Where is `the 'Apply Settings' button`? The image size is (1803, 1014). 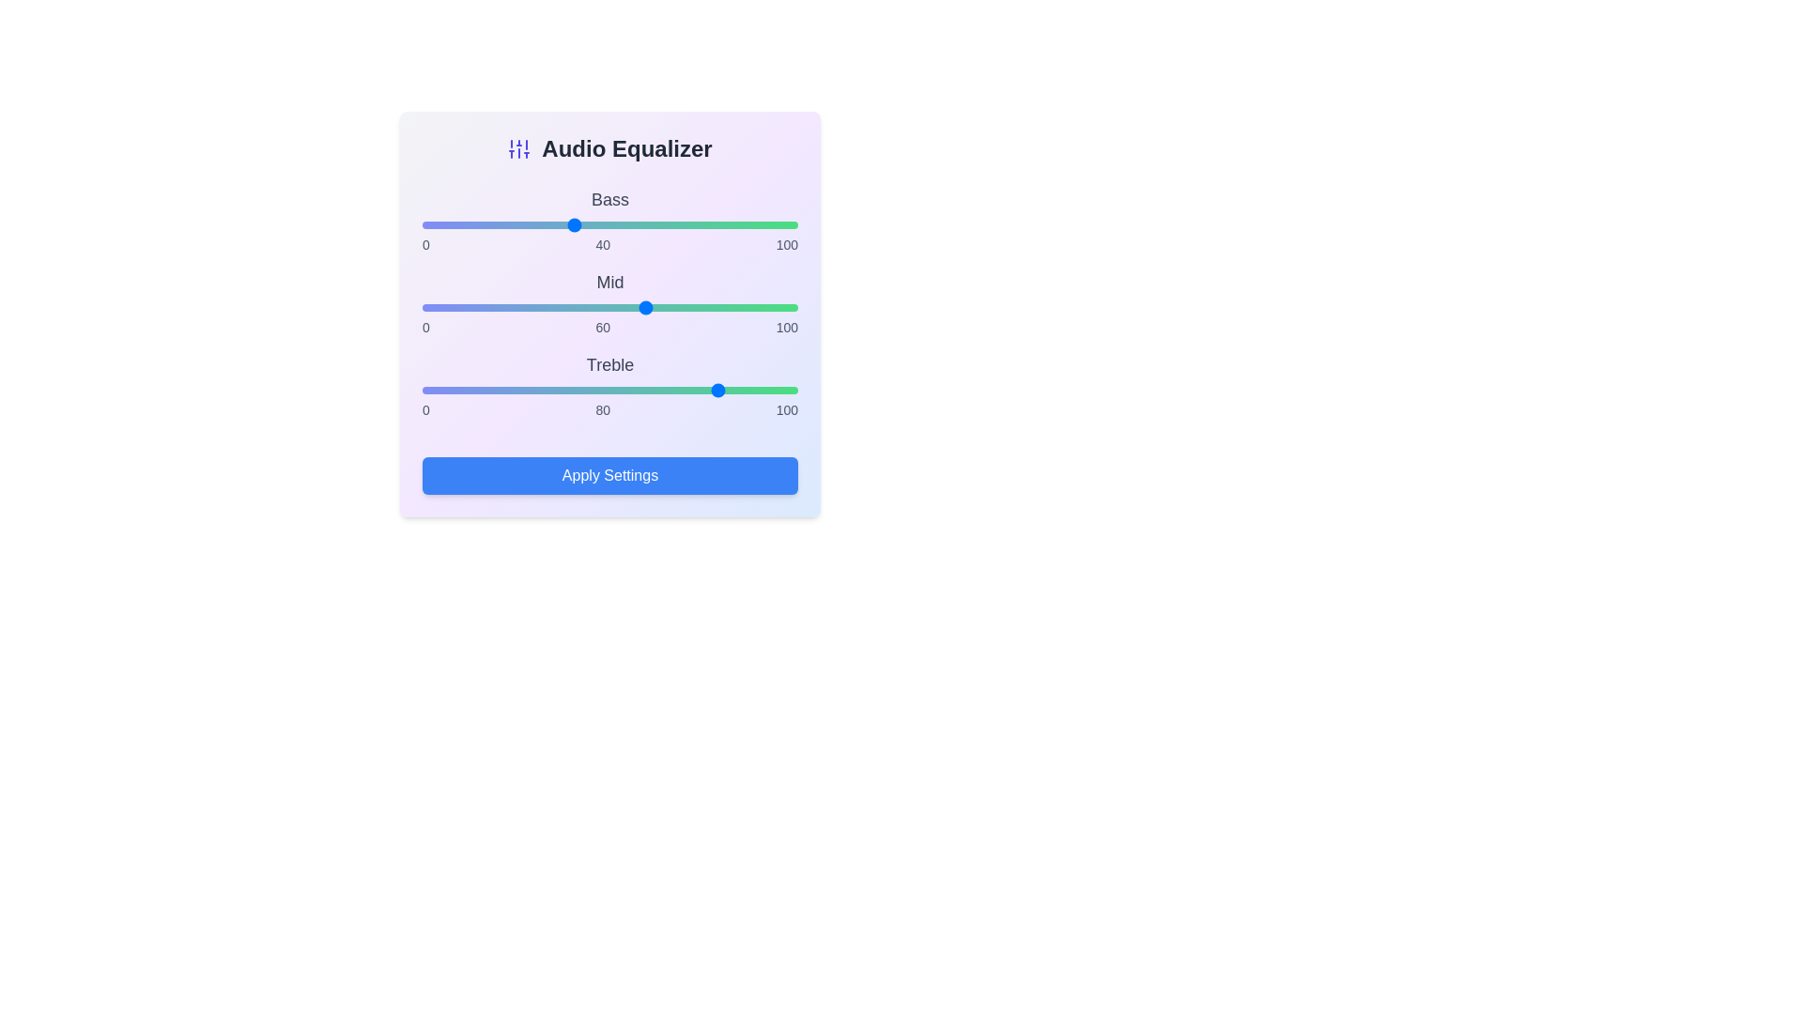
the 'Apply Settings' button is located at coordinates (609, 474).